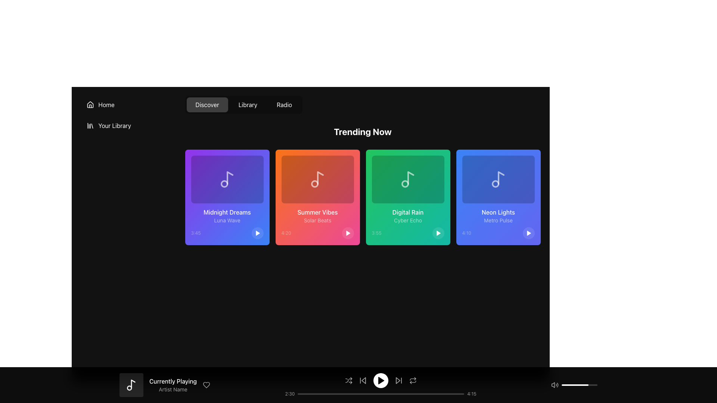 The width and height of the screenshot is (717, 403). I want to click on the play icon located in the bottom-right corner of the blue song card labeled 'Neon Lights' by 'Metro Pulse' in the 'Trending Now' section to begin playback, so click(528, 232).